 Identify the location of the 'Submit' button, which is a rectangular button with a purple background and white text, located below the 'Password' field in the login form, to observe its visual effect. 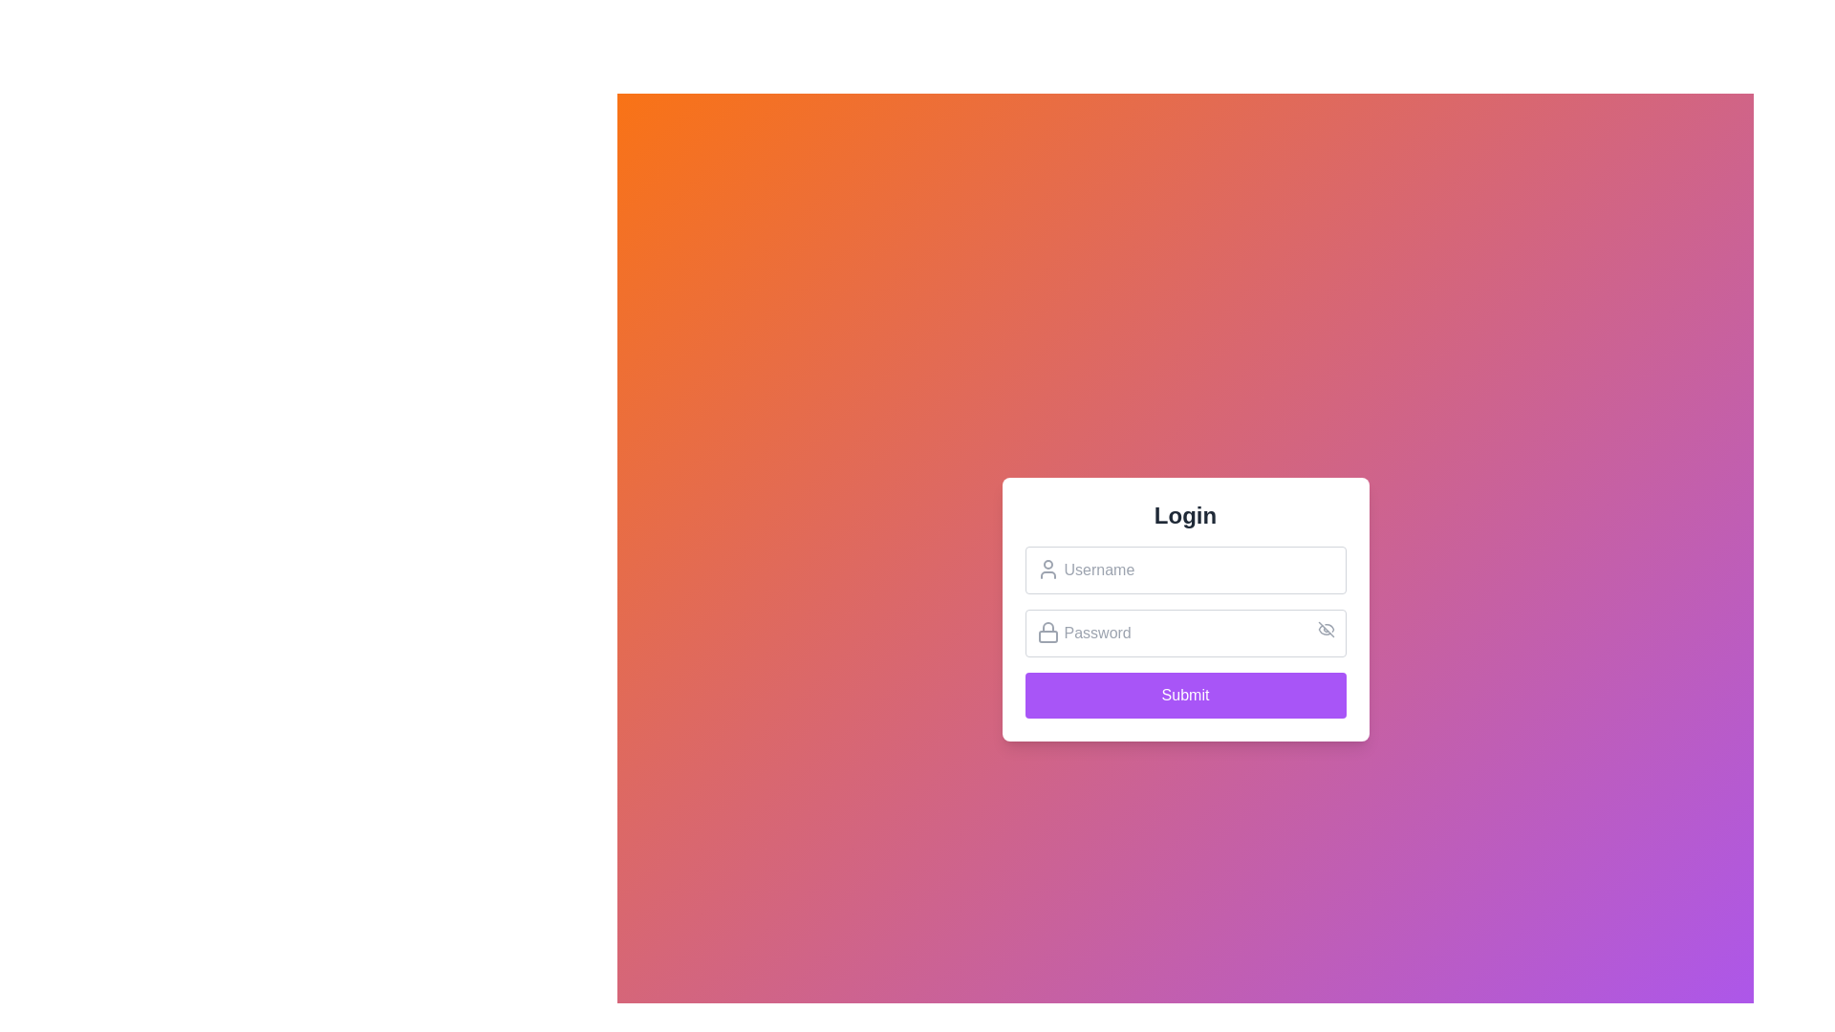
(1184, 696).